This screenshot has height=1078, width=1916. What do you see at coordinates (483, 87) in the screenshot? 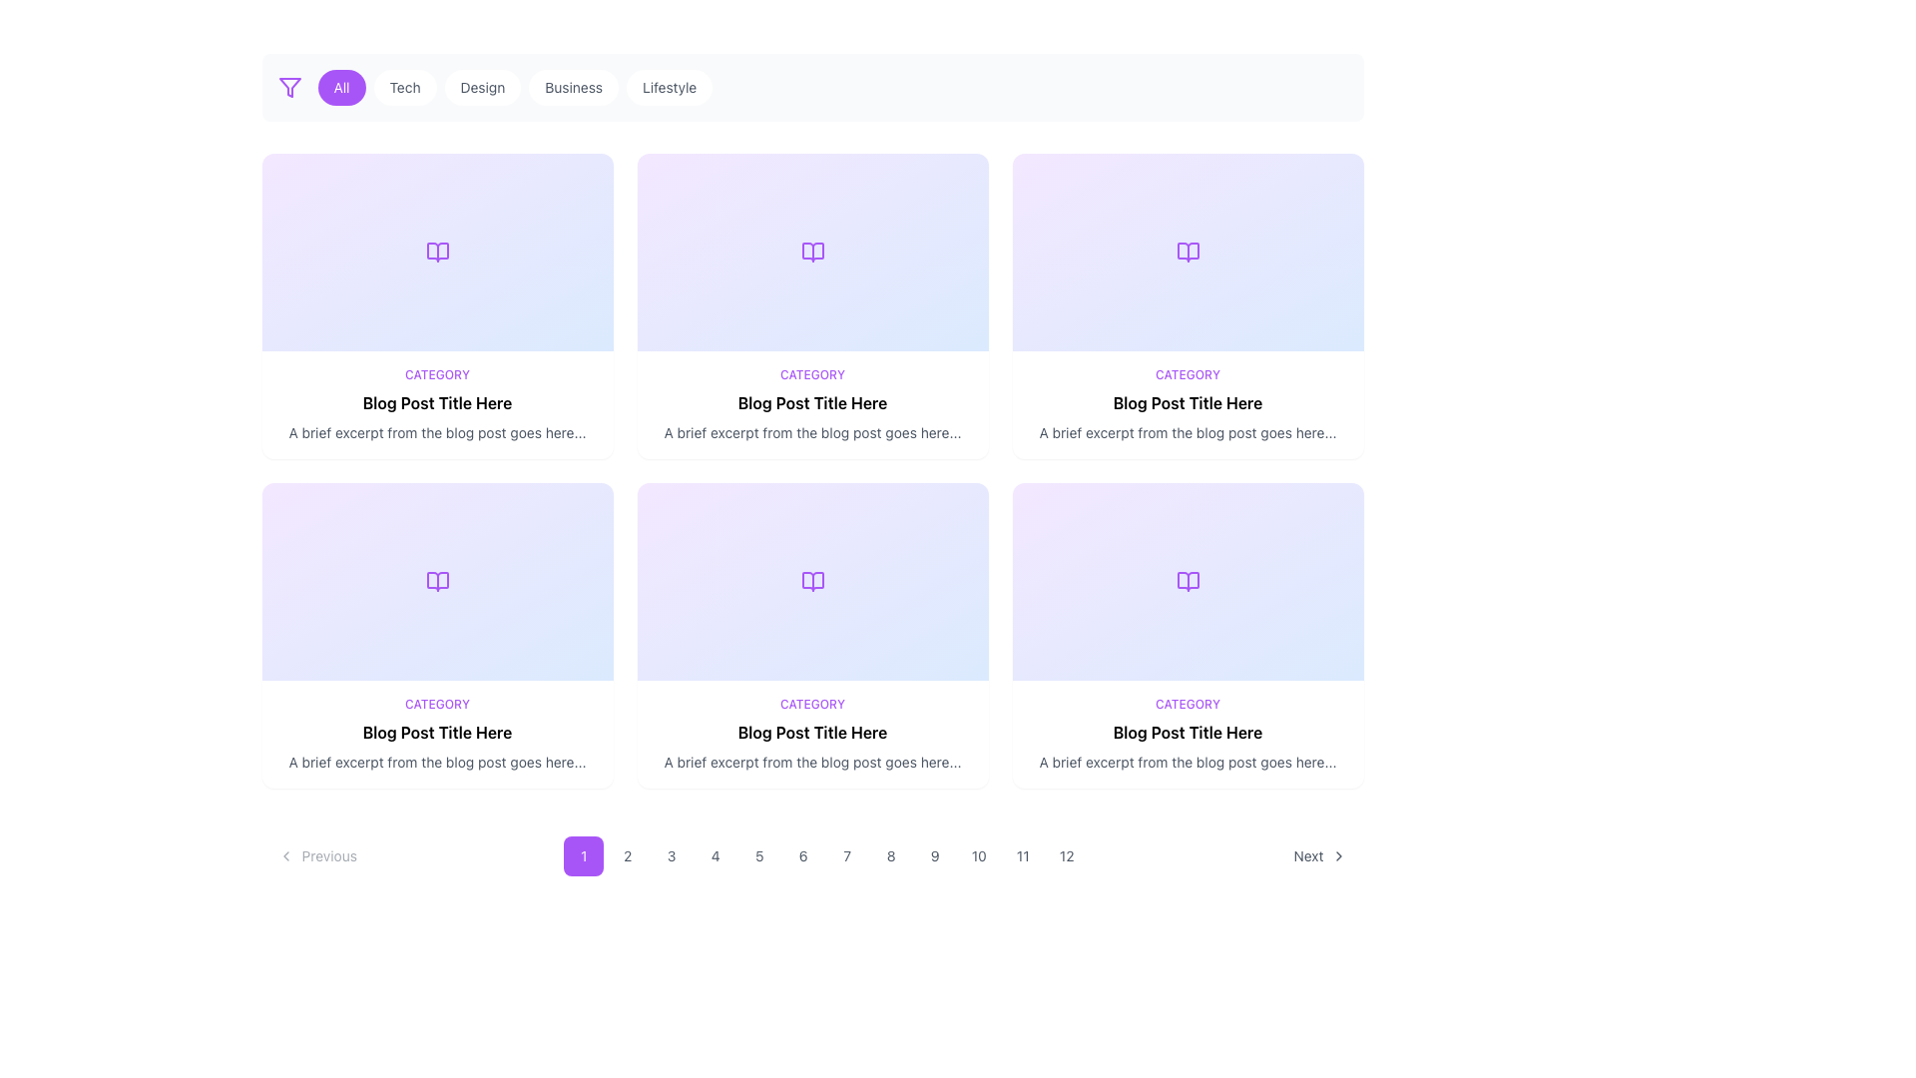
I see `the 'Design' filter button located in the top-middle of the interface to change its background color` at bounding box center [483, 87].